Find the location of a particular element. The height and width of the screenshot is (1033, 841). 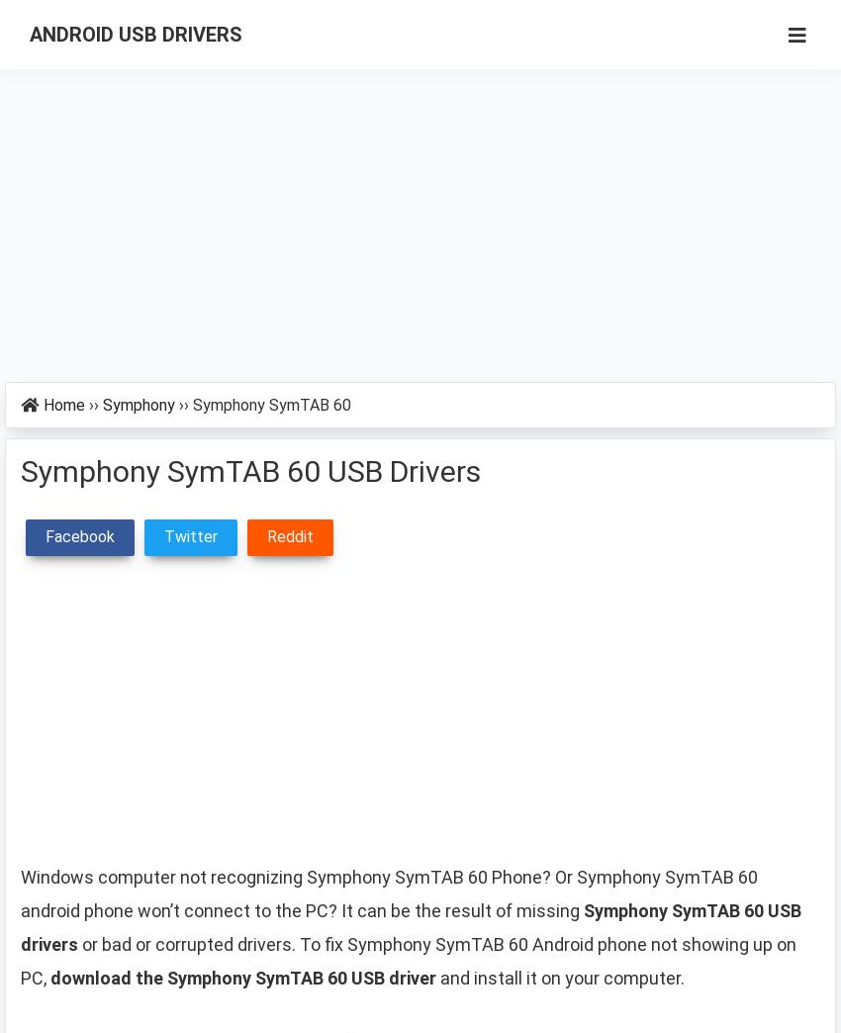

'Facebook' is located at coordinates (80, 535).